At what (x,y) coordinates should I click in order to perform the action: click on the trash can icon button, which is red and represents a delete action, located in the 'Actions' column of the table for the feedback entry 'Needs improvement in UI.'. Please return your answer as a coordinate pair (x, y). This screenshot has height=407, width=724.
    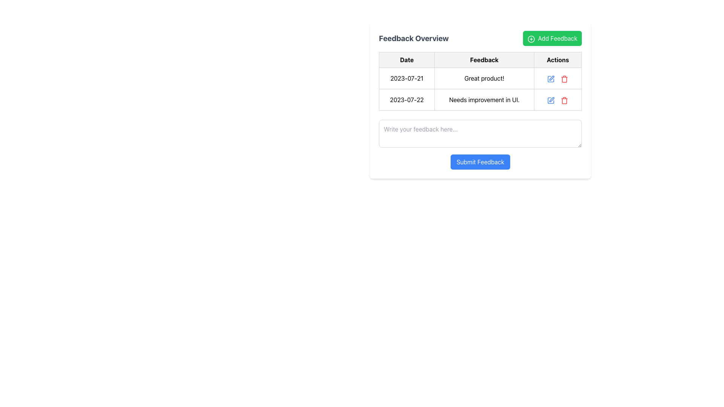
    Looking at the image, I should click on (564, 79).